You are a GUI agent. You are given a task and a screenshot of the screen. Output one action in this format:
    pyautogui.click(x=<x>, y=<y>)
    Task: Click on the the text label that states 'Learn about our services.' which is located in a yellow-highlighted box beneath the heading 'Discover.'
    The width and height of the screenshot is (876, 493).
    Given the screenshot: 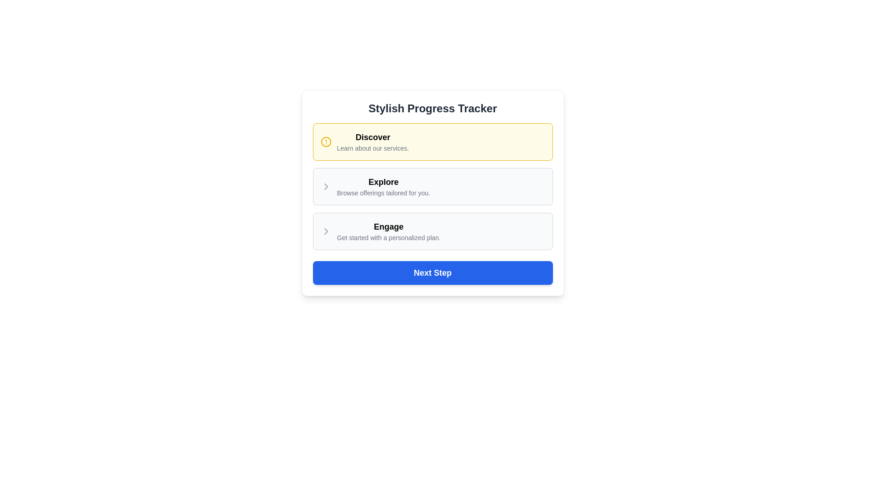 What is the action you would take?
    pyautogui.click(x=373, y=147)
    